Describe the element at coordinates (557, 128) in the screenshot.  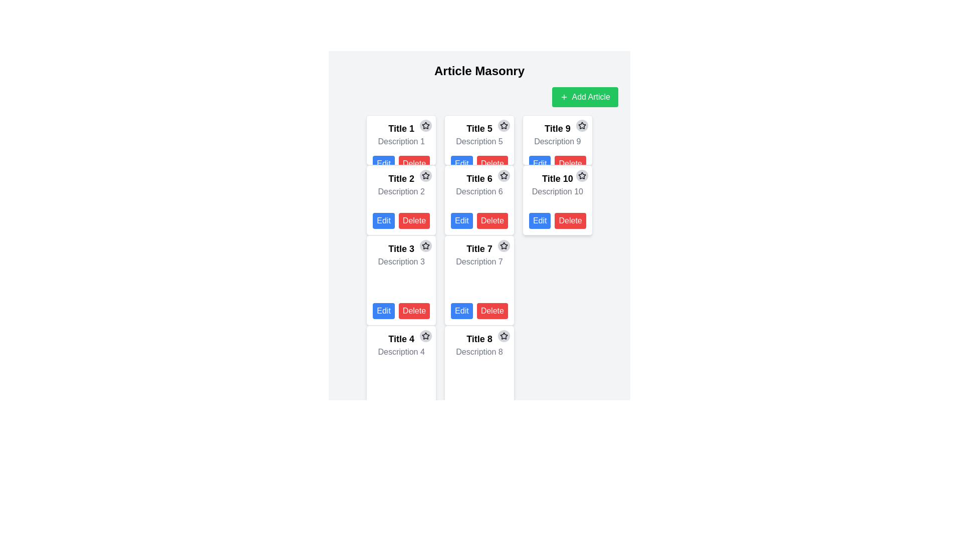
I see `the text label that serves as the heading for the associated card, located in the 4th column and 2nd row of the grid layout, positioned at the top center above 'Description 9' and the 'Edit' and 'Delete' buttons` at that location.